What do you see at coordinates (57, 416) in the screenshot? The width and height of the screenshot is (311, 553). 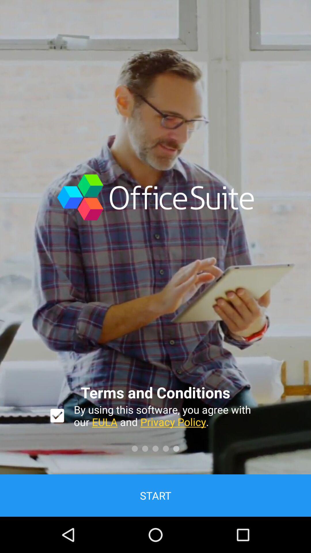 I see `agree with eula` at bounding box center [57, 416].